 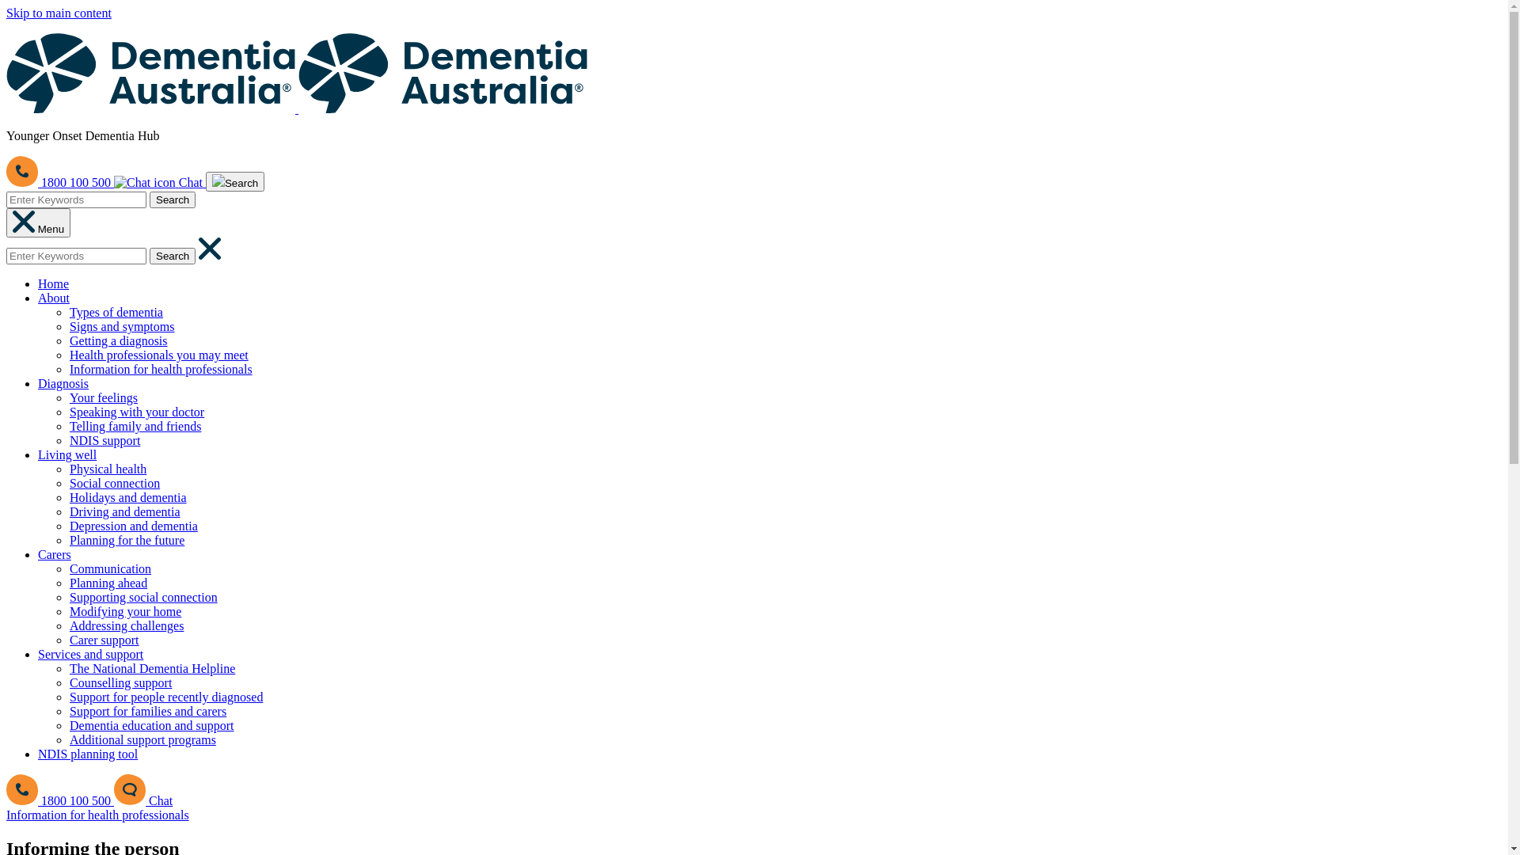 I want to click on 'Diagnosis', so click(x=63, y=383).